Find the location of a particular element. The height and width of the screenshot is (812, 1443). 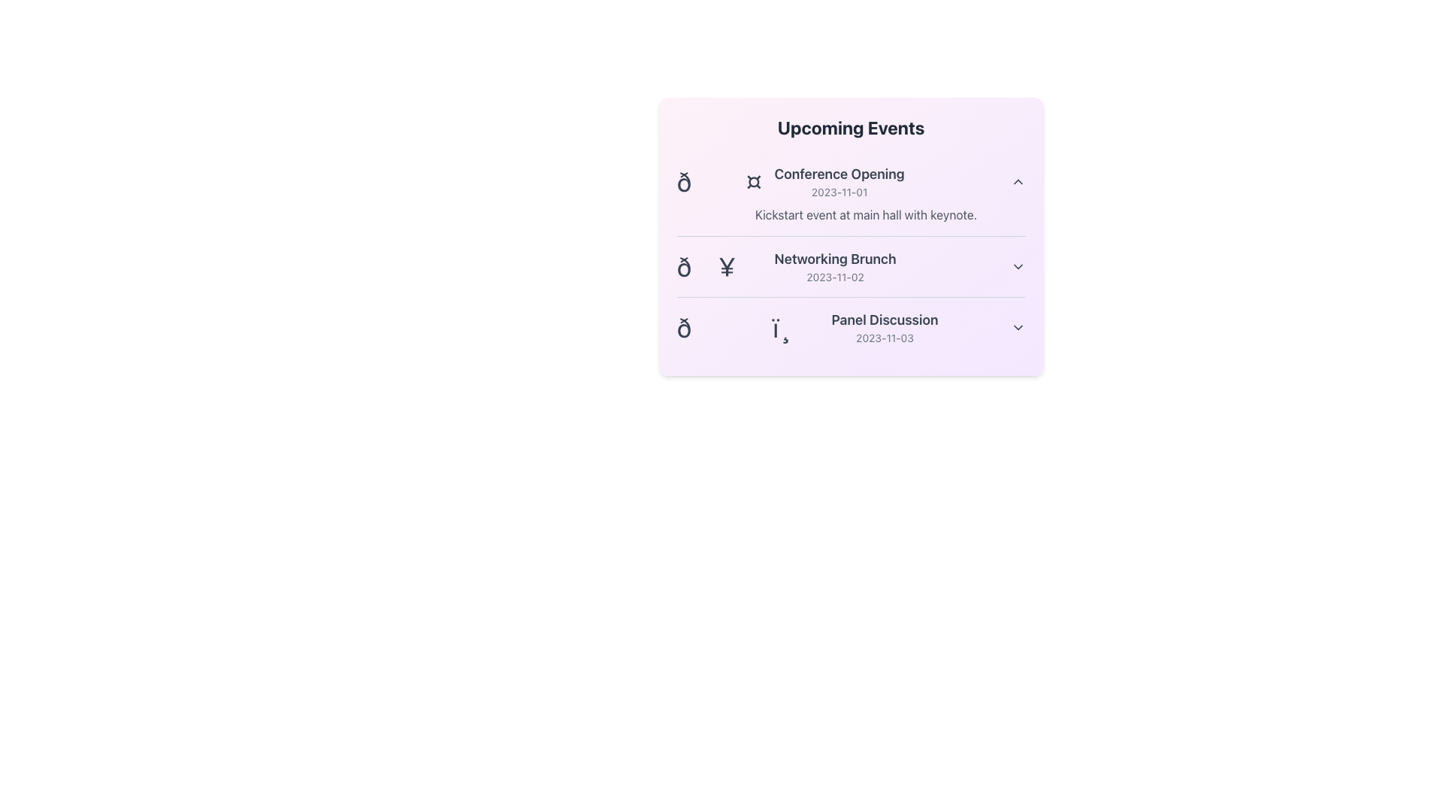

the 'Conference Opening' Event List Item located at the top of the 'Upcoming Events' card is located at coordinates (790, 181).